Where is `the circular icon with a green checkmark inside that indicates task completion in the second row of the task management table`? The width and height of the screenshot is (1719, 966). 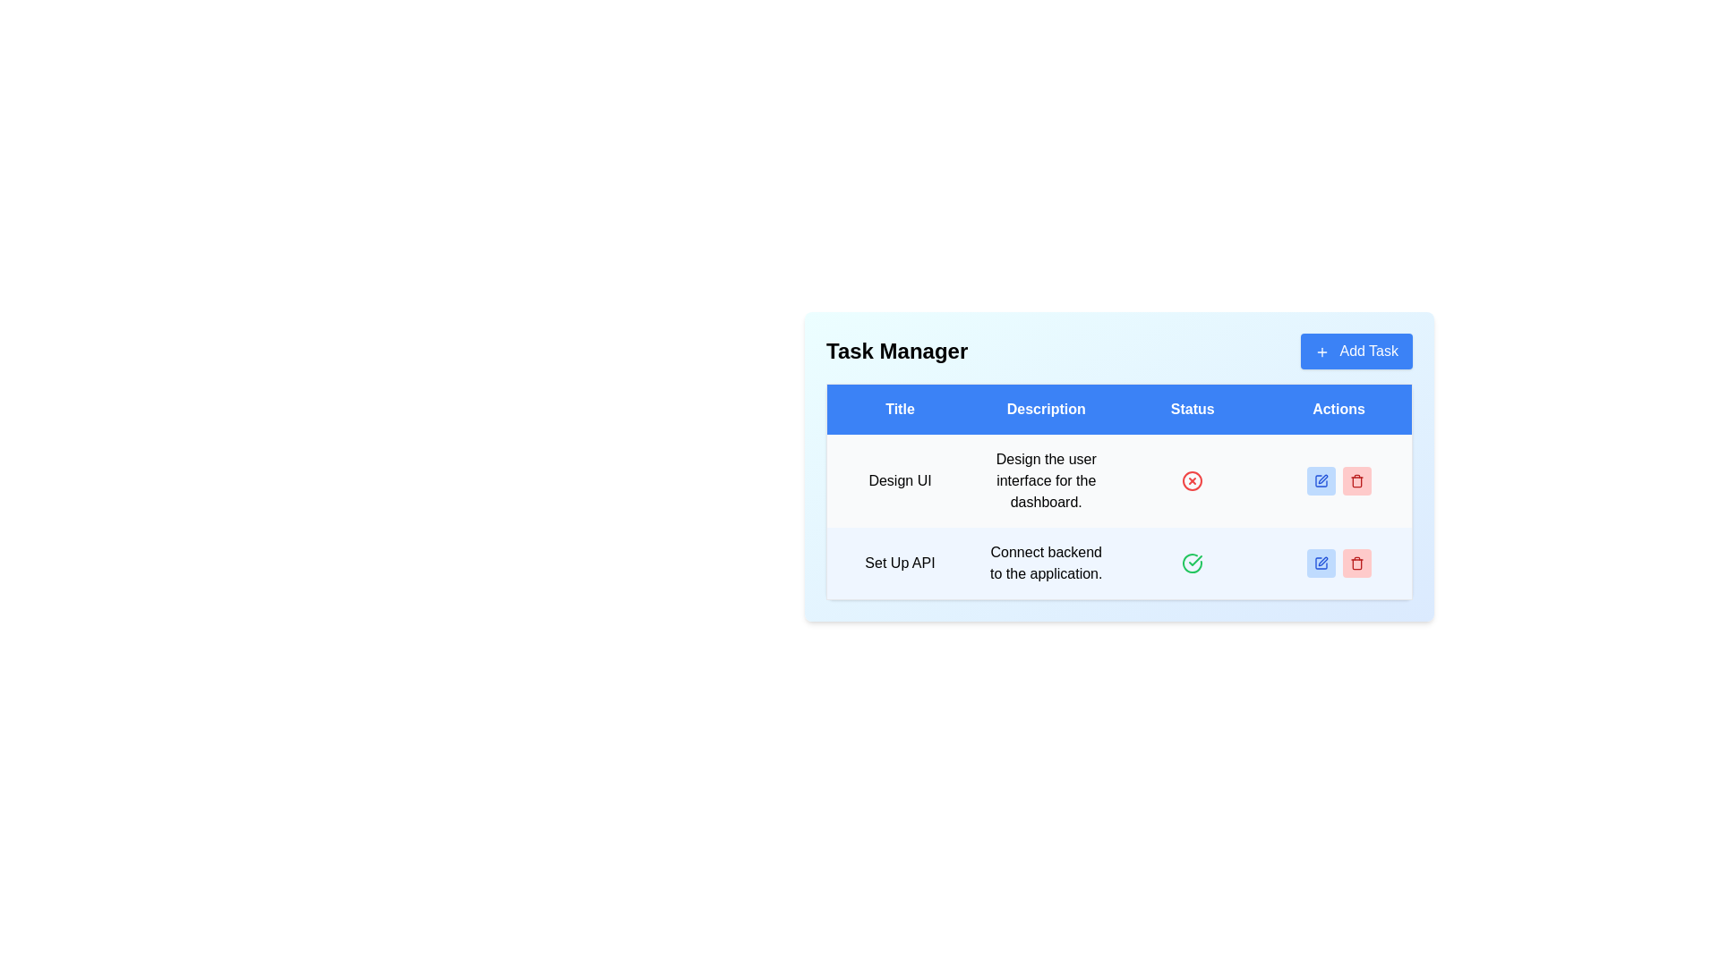 the circular icon with a green checkmark inside that indicates task completion in the second row of the task management table is located at coordinates (1193, 563).